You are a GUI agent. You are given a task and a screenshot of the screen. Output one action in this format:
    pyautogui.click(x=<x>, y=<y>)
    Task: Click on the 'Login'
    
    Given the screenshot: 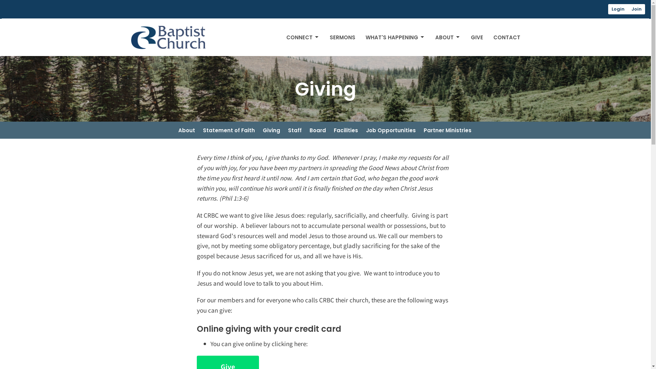 What is the action you would take?
    pyautogui.click(x=618, y=9)
    